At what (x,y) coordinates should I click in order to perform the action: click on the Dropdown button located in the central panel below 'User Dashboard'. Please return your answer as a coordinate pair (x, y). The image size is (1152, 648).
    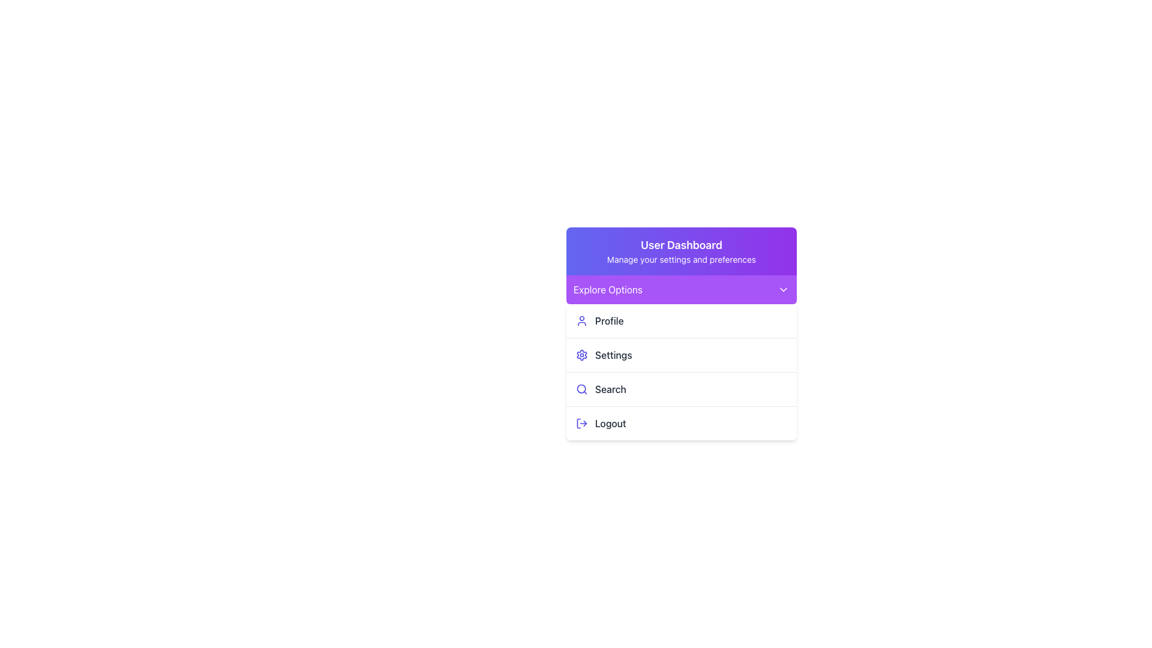
    Looking at the image, I should click on (682, 289).